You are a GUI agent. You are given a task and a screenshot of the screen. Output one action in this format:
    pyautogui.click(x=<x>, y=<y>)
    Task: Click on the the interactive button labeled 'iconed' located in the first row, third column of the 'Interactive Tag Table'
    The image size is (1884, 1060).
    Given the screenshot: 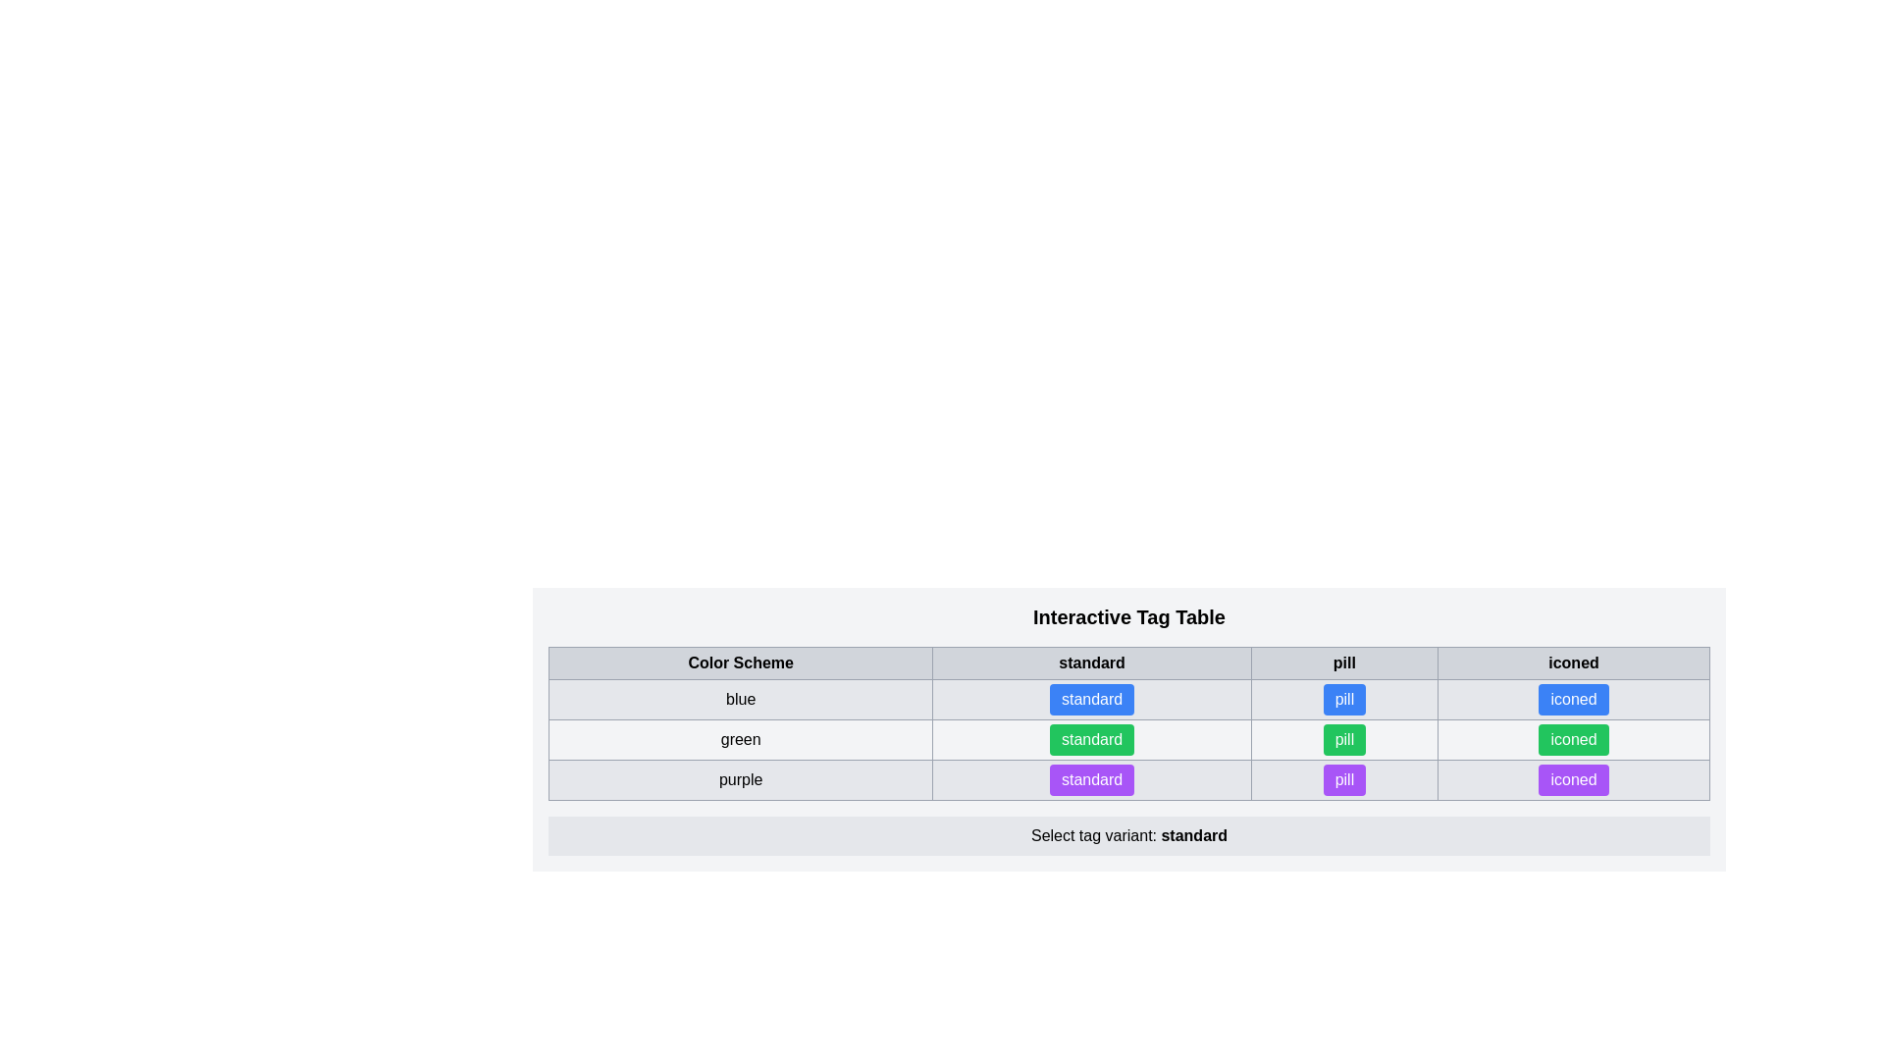 What is the action you would take?
    pyautogui.click(x=1573, y=699)
    